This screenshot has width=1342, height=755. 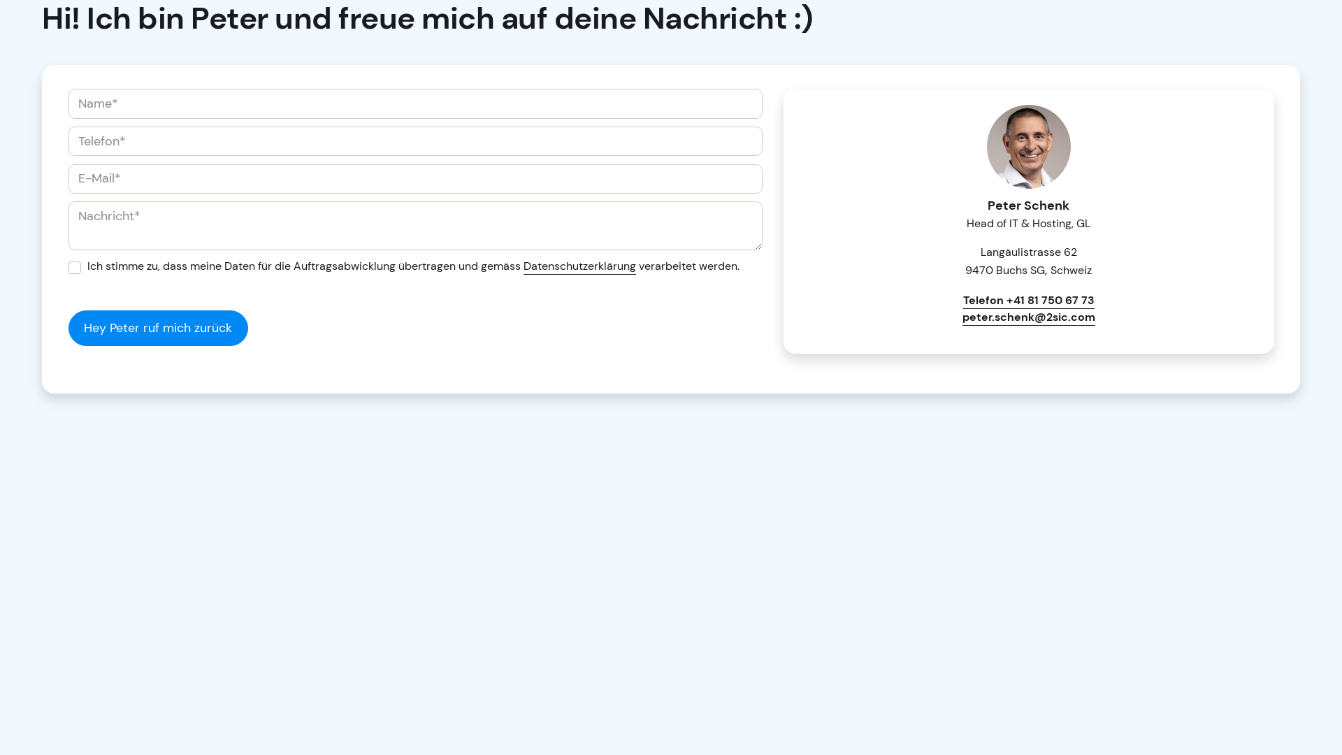 What do you see at coordinates (962, 299) in the screenshot?
I see `'Telefon +41 81 750 67 73'` at bounding box center [962, 299].